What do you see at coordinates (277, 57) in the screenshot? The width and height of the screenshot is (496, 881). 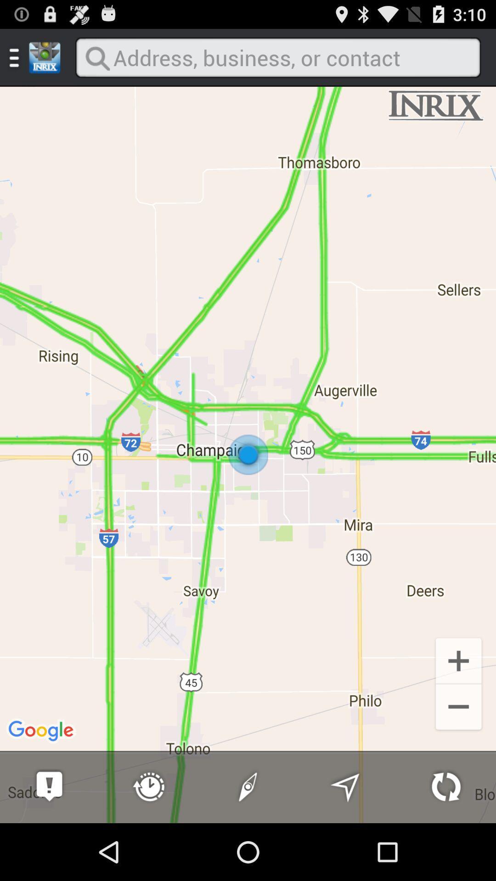 I see `search by specific information` at bounding box center [277, 57].